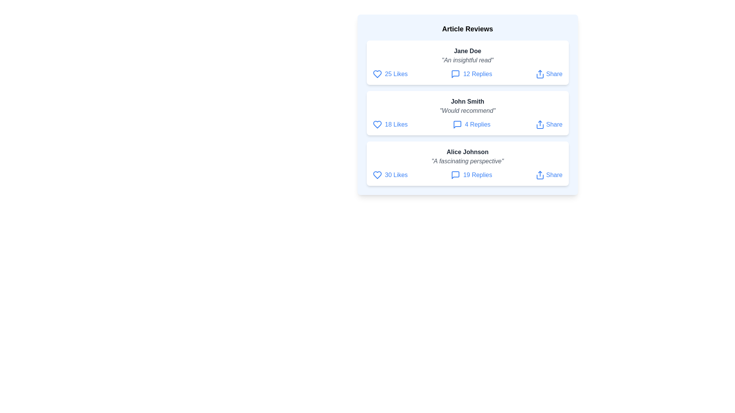 The height and width of the screenshot is (413, 735). What do you see at coordinates (467, 156) in the screenshot?
I see `the review text of Alice Johnson` at bounding box center [467, 156].